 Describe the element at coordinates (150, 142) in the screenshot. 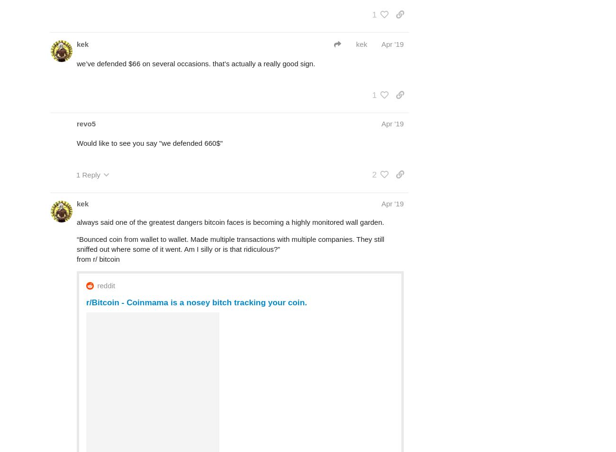

I see `'Would like to see you say "we defended 660$"'` at that location.